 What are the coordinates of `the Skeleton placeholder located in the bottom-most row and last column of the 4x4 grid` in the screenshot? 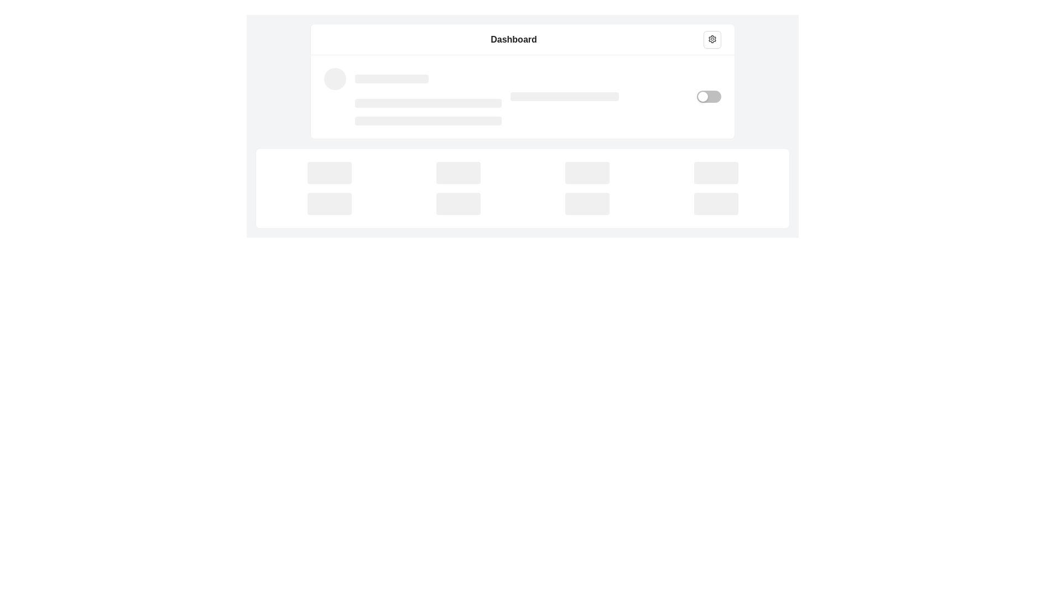 It's located at (716, 204).